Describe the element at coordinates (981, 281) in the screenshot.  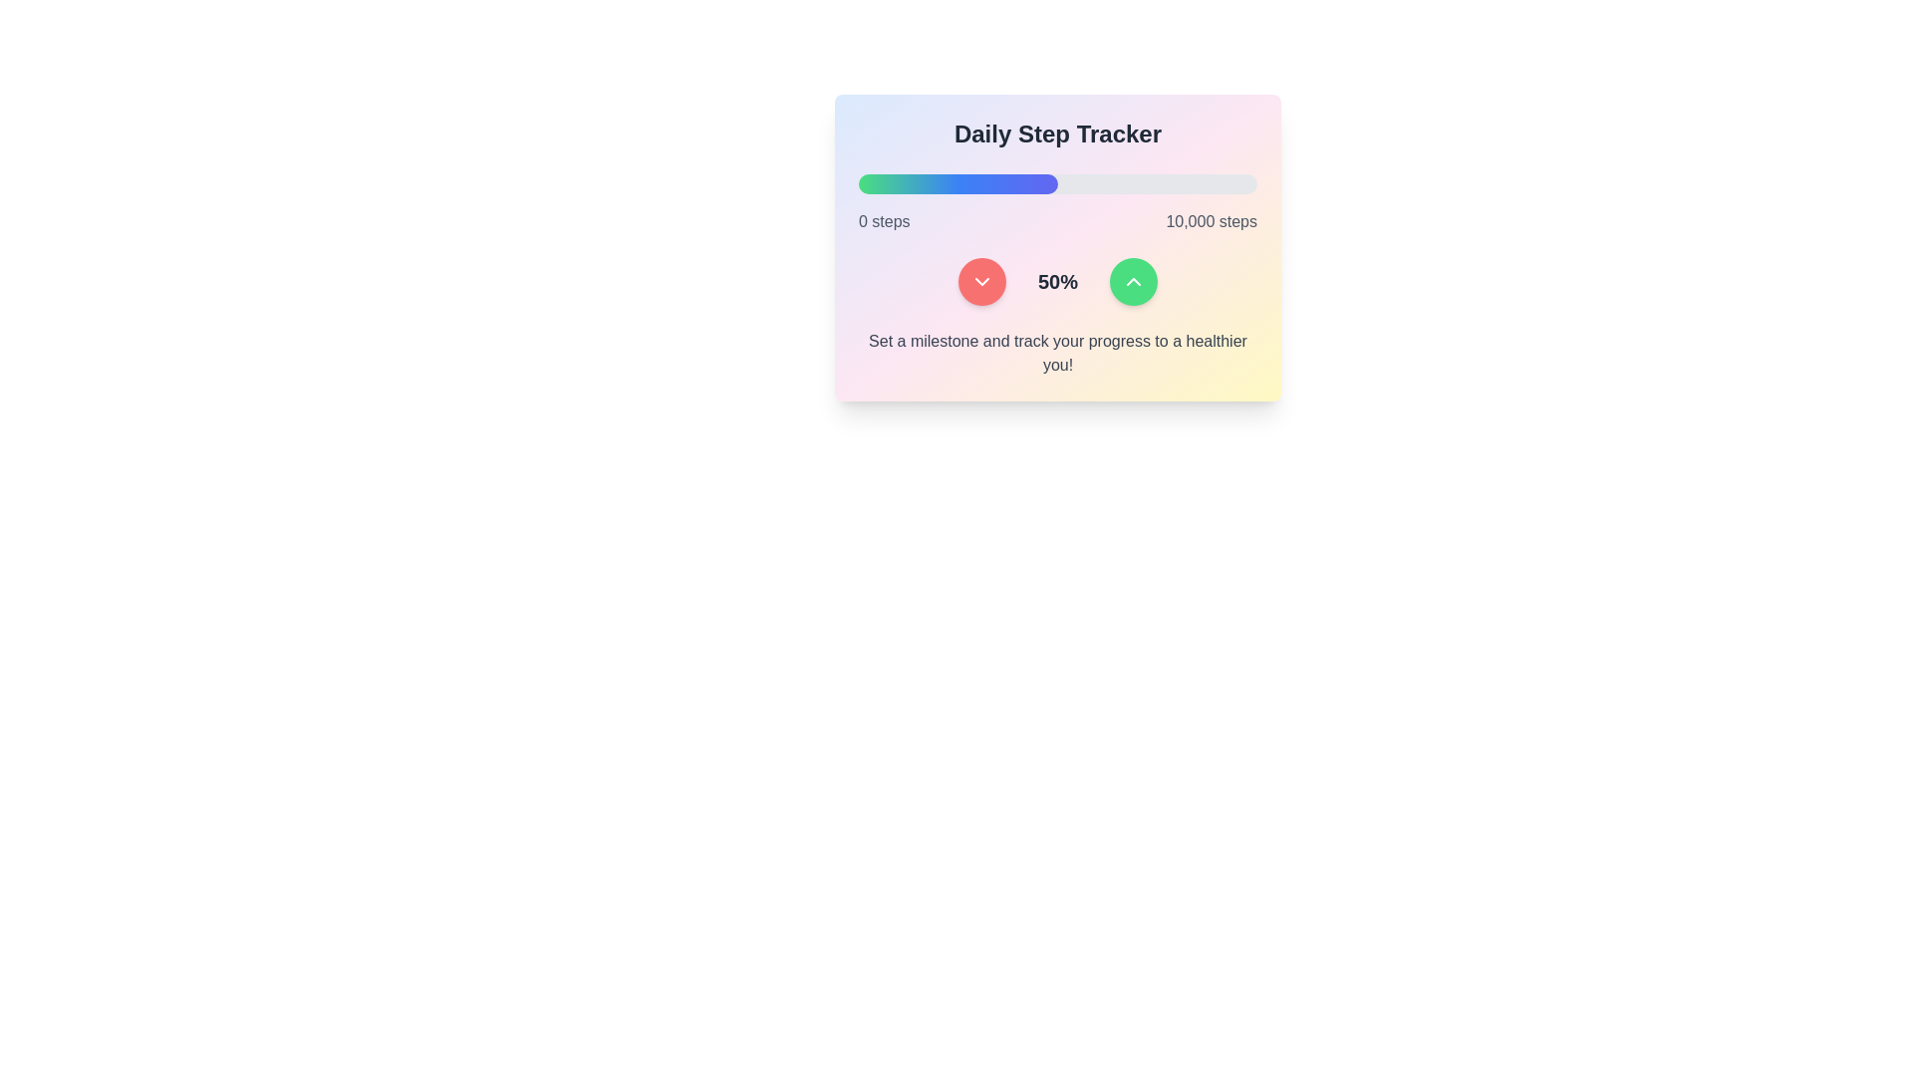
I see `the downward-pointing chevron icon in the red circular button below the progress bar in the 'Daily Step Tracker' component` at that location.